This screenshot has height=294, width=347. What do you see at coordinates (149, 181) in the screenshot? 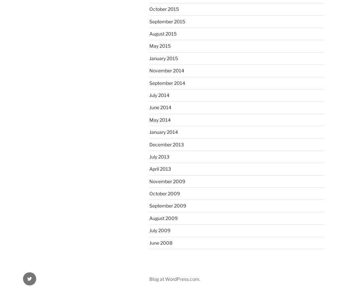
I see `'November 2009'` at bounding box center [149, 181].